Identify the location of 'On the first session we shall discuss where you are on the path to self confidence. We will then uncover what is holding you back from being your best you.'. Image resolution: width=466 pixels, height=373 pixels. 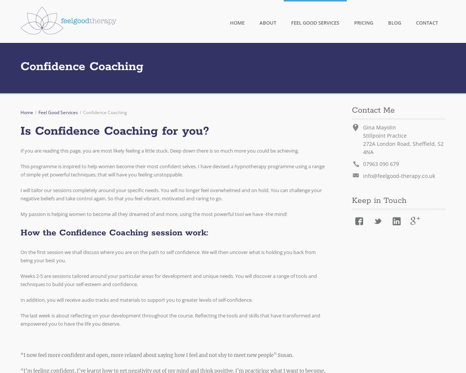
(21, 256).